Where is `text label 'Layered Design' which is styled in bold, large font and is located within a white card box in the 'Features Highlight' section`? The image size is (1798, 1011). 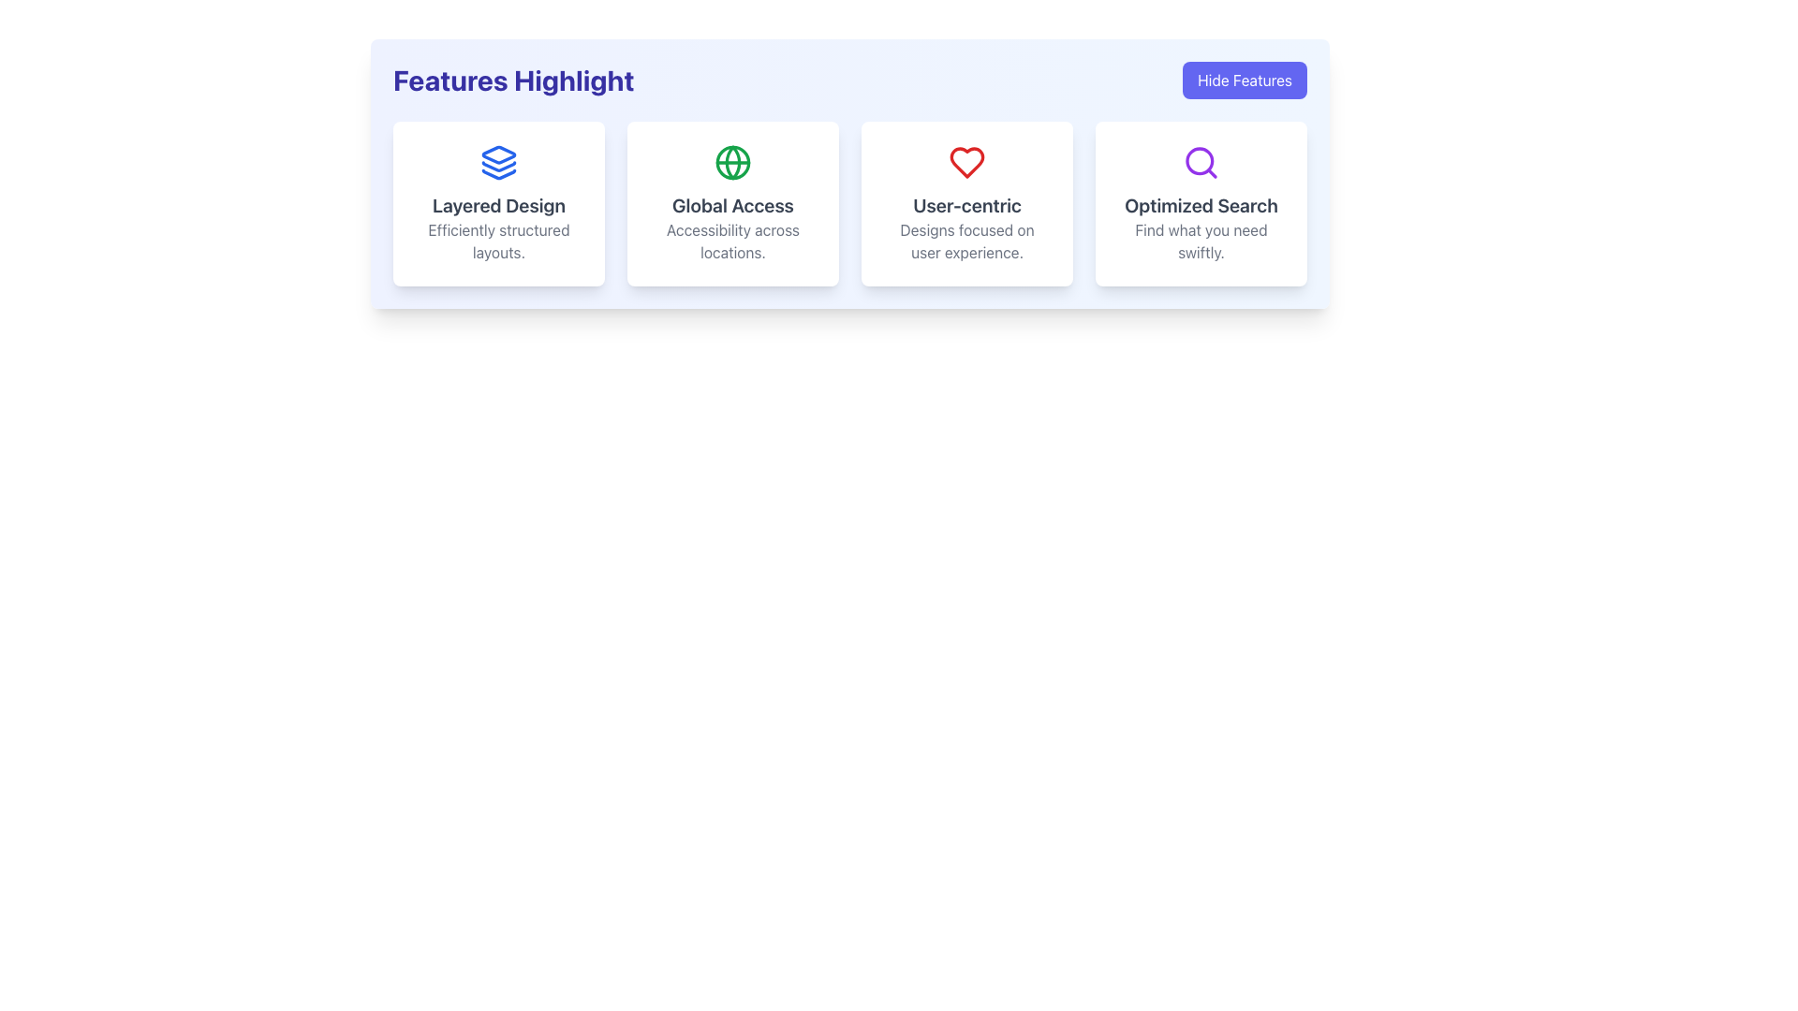 text label 'Layered Design' which is styled in bold, large font and is located within a white card box in the 'Features Highlight' section is located at coordinates (498, 205).